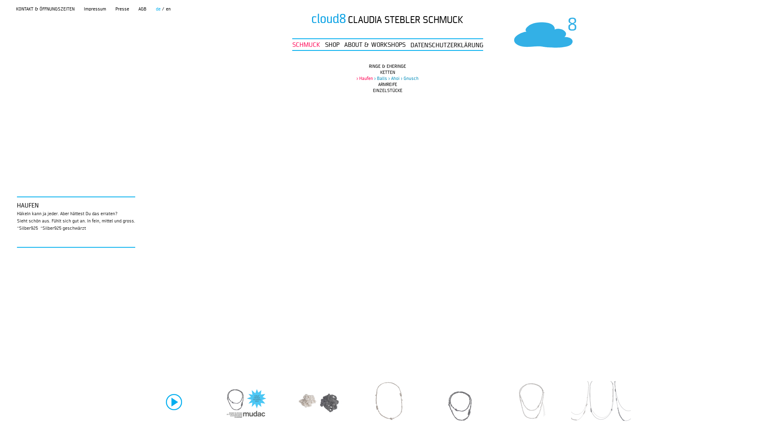  Describe the element at coordinates (374, 45) in the screenshot. I see `'ABOUT & WORKSHOPS'` at that location.